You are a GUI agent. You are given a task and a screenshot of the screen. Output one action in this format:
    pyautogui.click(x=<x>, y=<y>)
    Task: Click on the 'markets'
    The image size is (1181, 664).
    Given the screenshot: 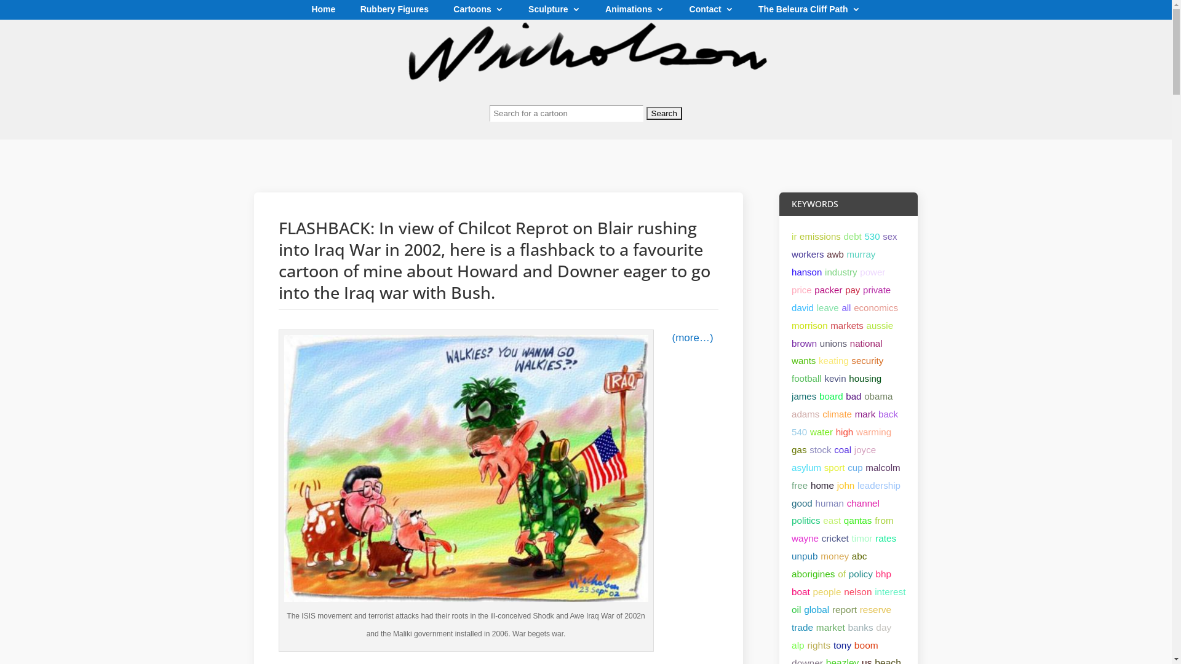 What is the action you would take?
    pyautogui.click(x=846, y=325)
    